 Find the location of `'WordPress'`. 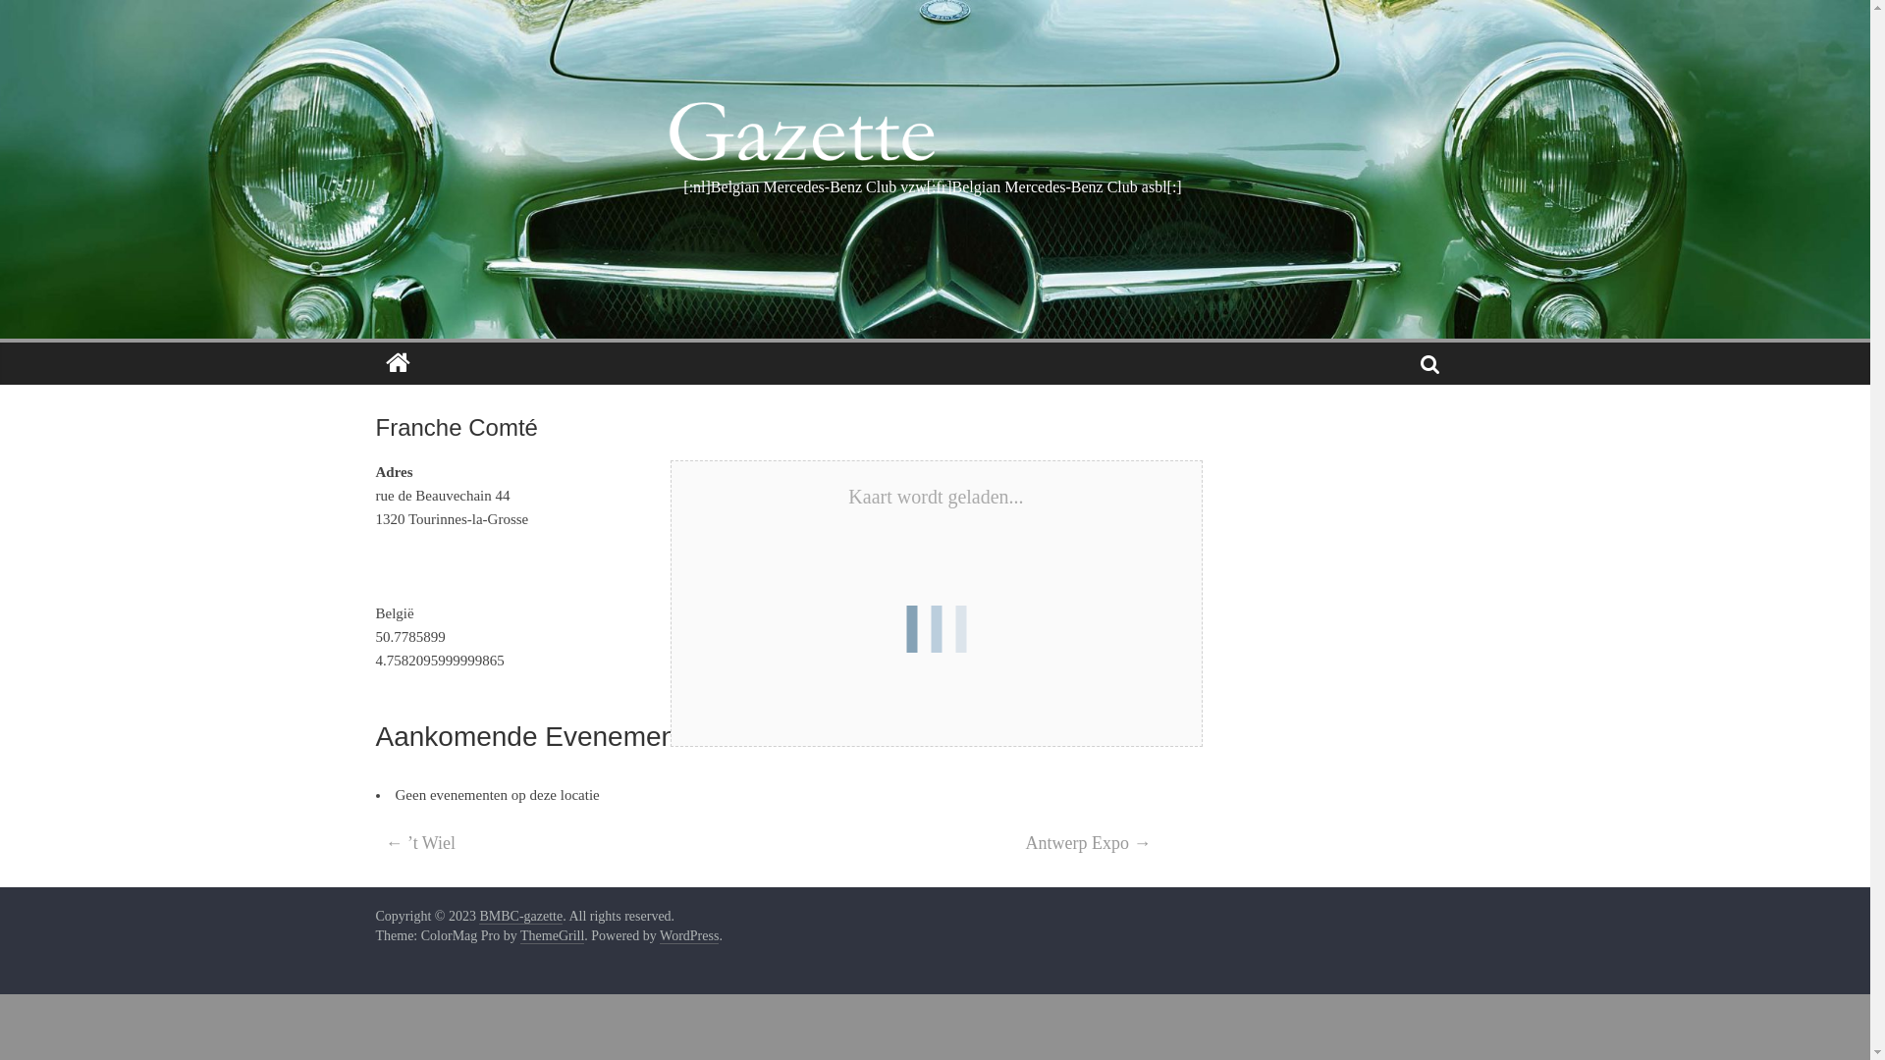

'WordPress' is located at coordinates (688, 934).